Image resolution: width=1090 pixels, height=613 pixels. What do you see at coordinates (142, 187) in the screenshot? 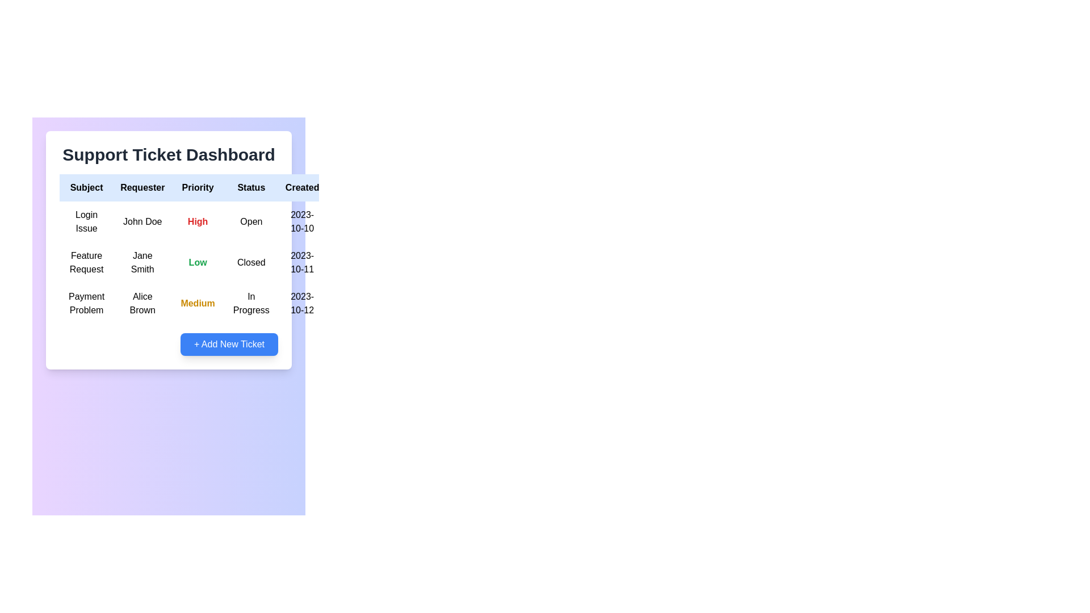
I see `the text label 'Requester', which is styled in bold black font on a light blue background and is the second column header in the Support Ticket Dashboard` at bounding box center [142, 187].